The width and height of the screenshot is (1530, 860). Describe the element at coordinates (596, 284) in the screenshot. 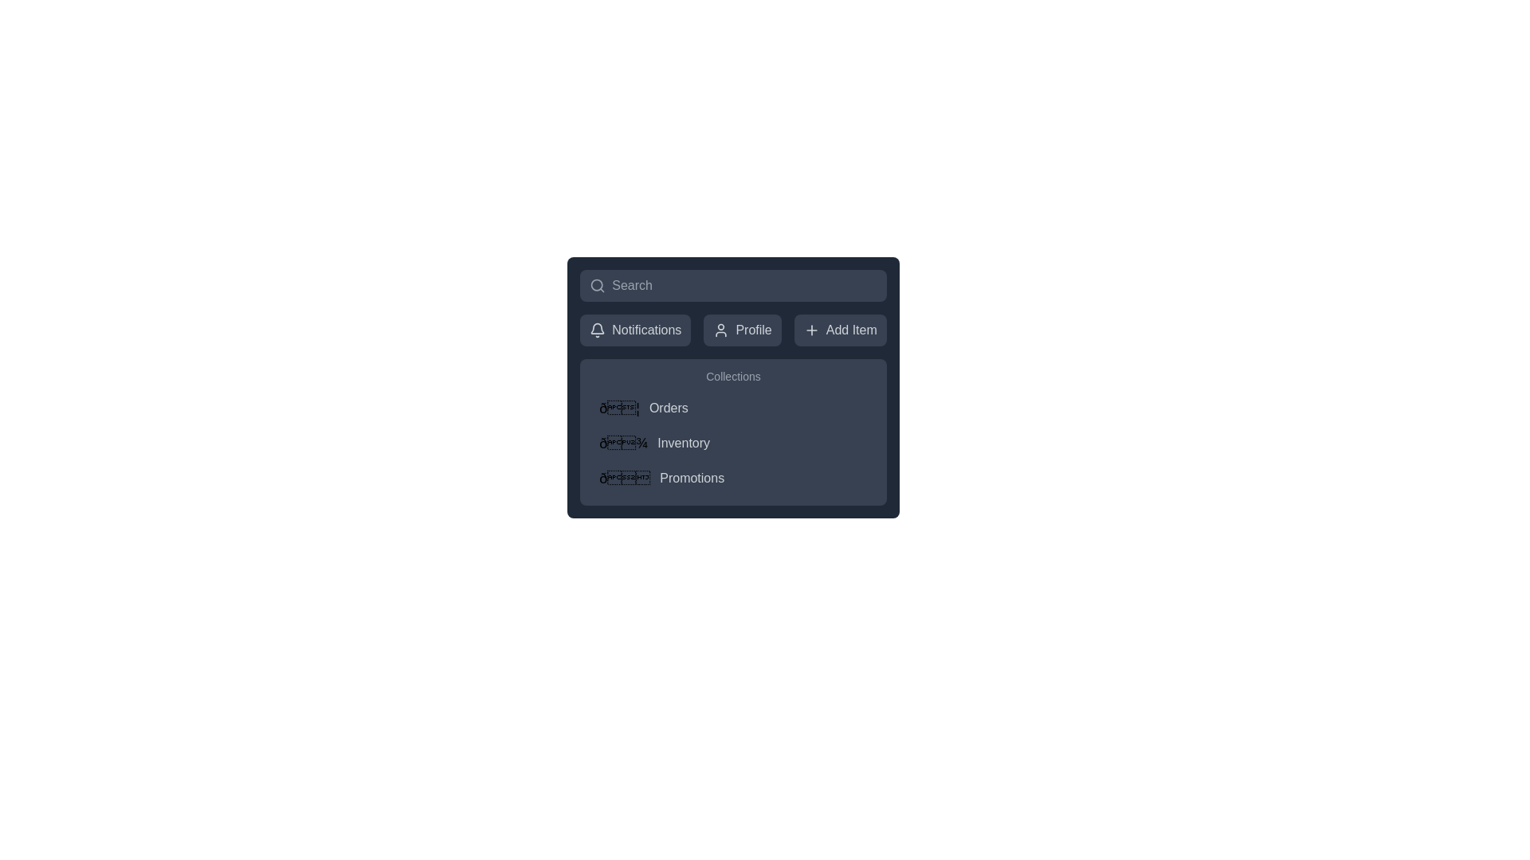

I see `the magnifying glass icon located at the leftmost position of the search bar` at that location.